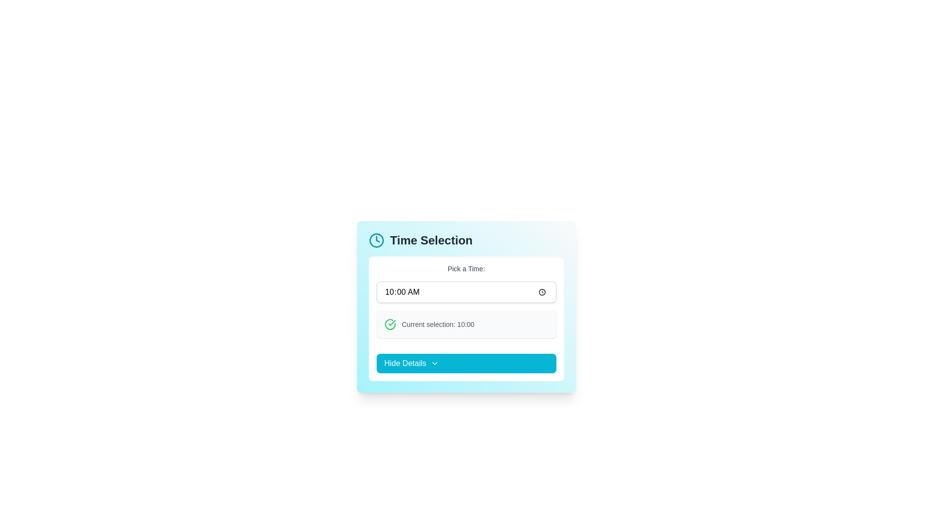  I want to click on the text label displaying 'Current selection: 10:00', which is positioned below the time input field in the time selection interface, so click(437, 324).